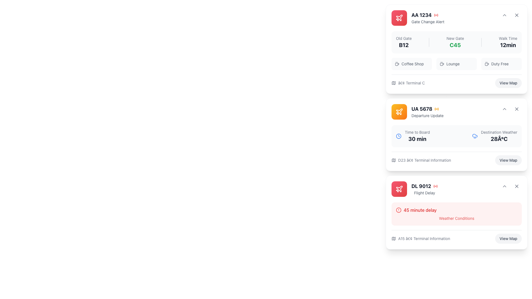 The width and height of the screenshot is (532, 299). I want to click on the text label indicating a related service or amenity in the card titled 'AA 1234', located to the right of the 'Coffee Shop' and 'Lounge' icons, so click(500, 64).